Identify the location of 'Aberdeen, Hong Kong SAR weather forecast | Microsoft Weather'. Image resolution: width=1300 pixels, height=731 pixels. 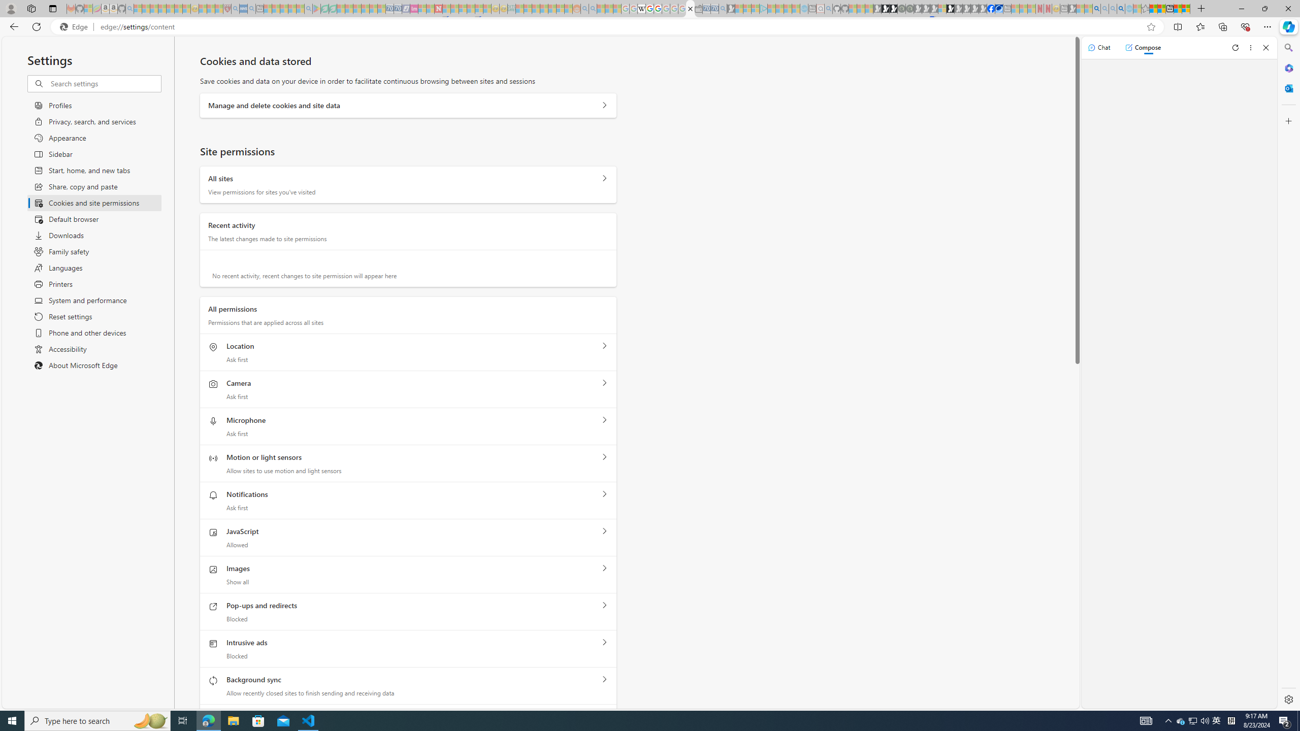
(1161, 8).